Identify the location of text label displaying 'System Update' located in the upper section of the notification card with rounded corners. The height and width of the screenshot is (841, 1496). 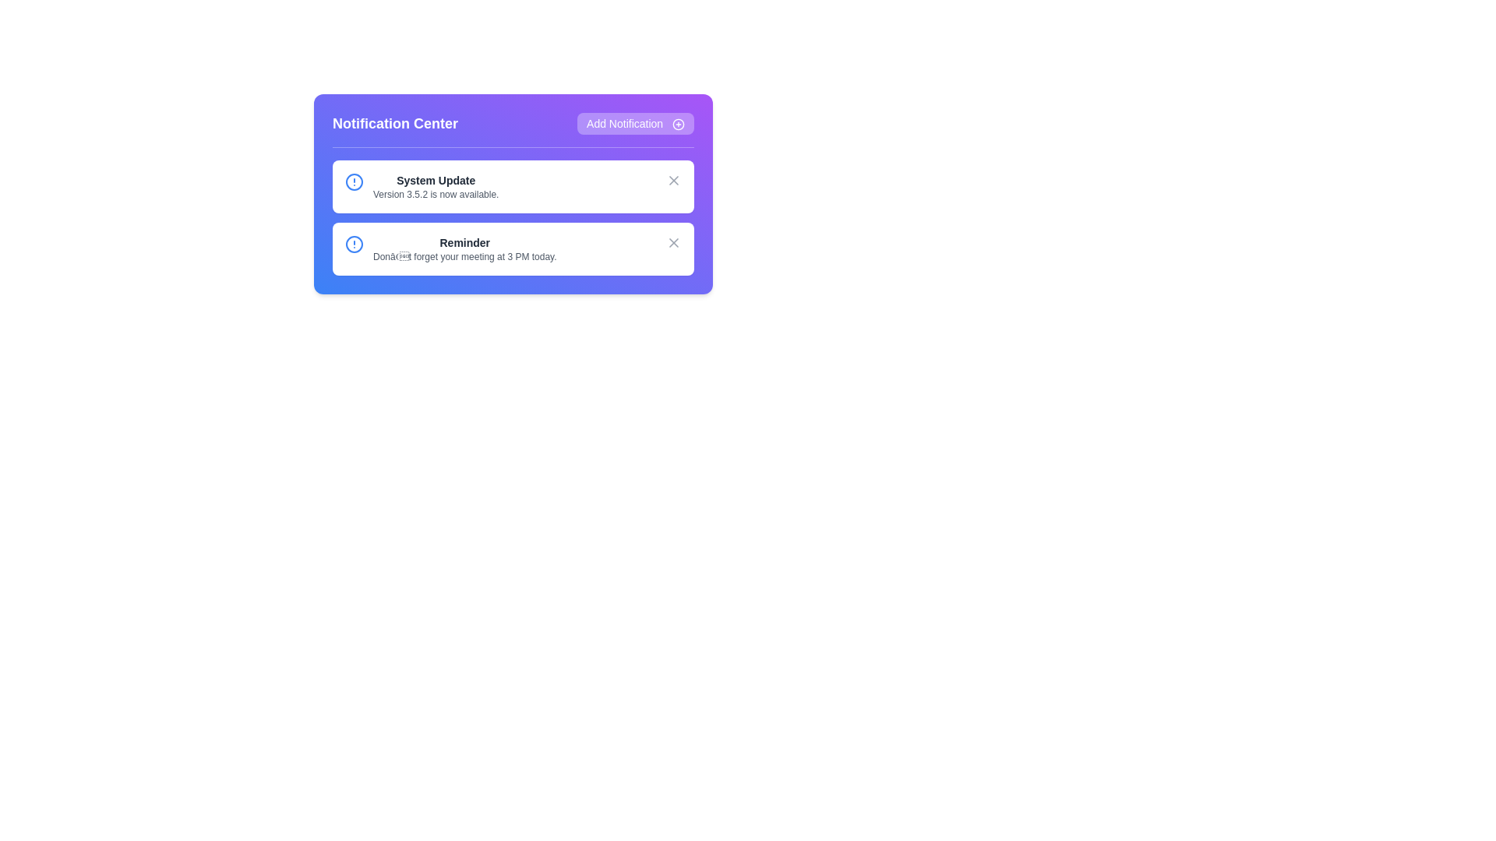
(436, 179).